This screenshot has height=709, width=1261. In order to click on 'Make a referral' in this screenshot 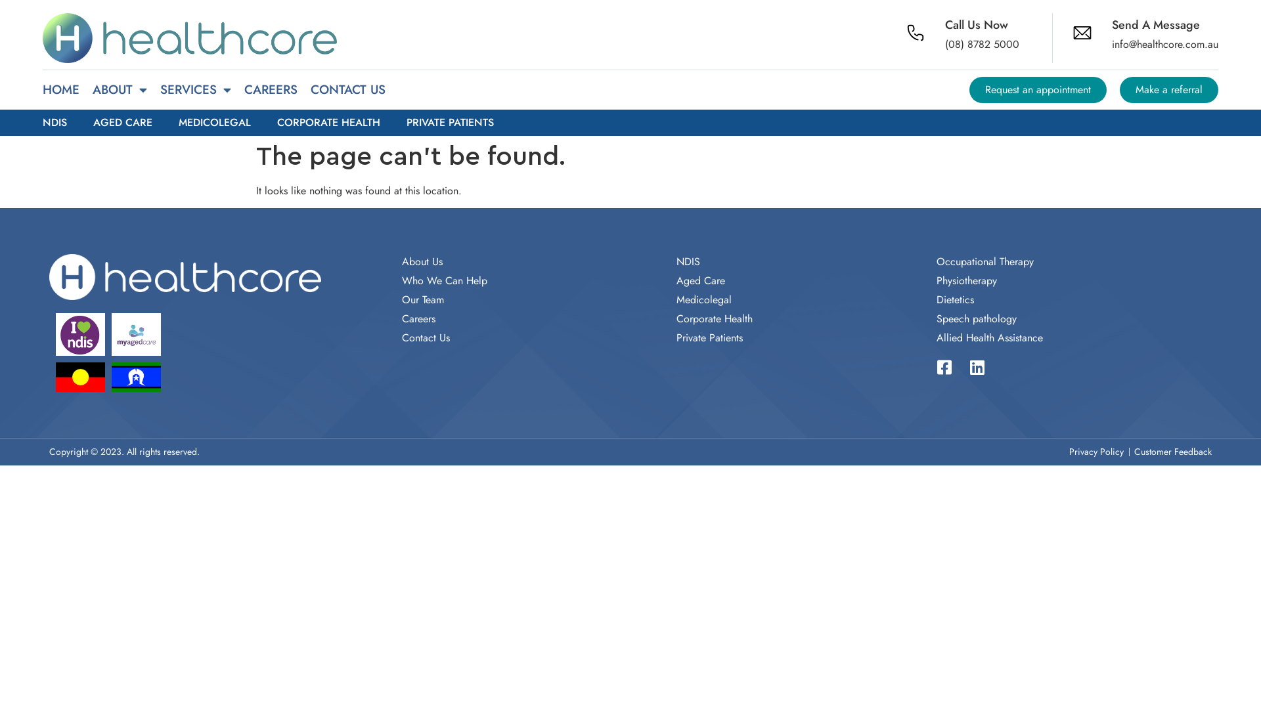, I will do `click(1169, 89)`.